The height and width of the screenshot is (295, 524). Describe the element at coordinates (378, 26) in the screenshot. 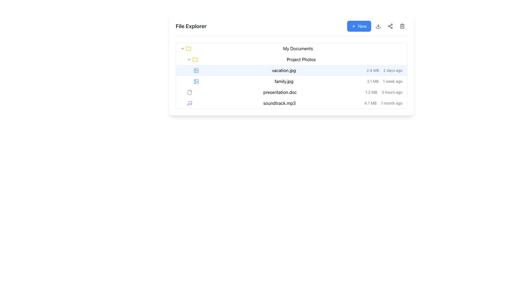

I see `the interactive gray download button with a downward arrow icon located in the top-right section of the interface to initiate a download` at that location.